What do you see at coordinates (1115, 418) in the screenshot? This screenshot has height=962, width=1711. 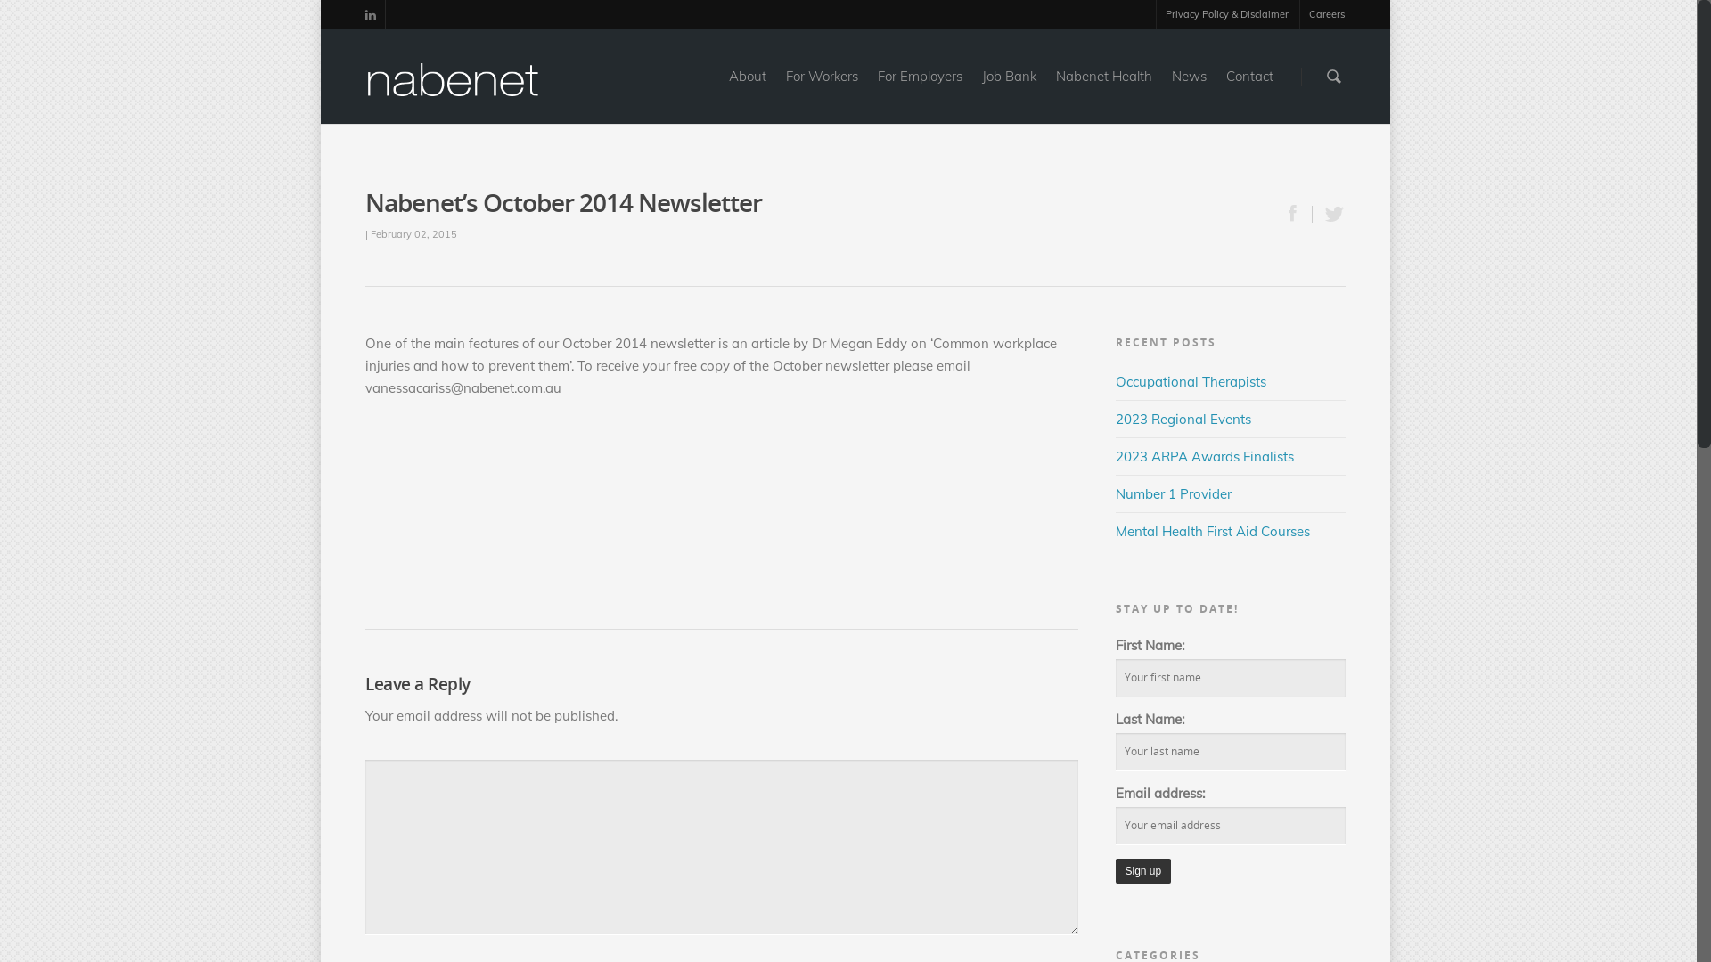 I see `'2023 Regional Events'` at bounding box center [1115, 418].